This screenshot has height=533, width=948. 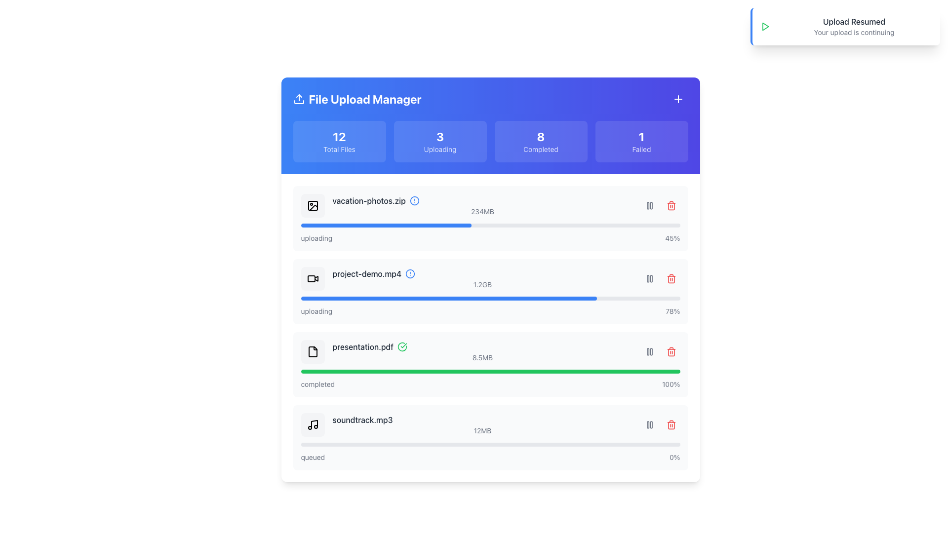 What do you see at coordinates (649, 351) in the screenshot?
I see `the pause button located to the right of the row for 'presentation.pdf' to change its background color` at bounding box center [649, 351].